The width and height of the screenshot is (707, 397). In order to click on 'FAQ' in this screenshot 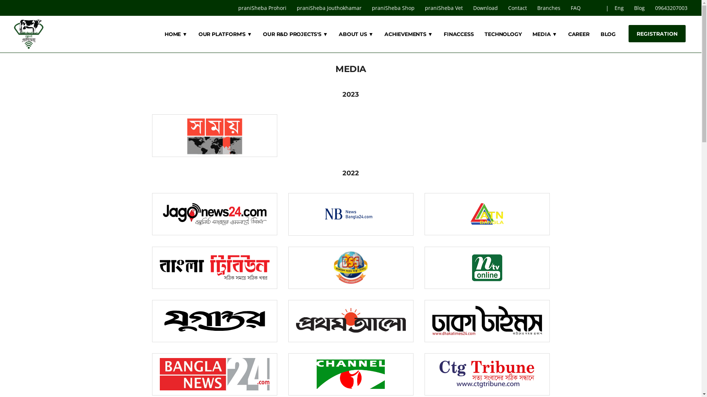, I will do `click(576, 8)`.